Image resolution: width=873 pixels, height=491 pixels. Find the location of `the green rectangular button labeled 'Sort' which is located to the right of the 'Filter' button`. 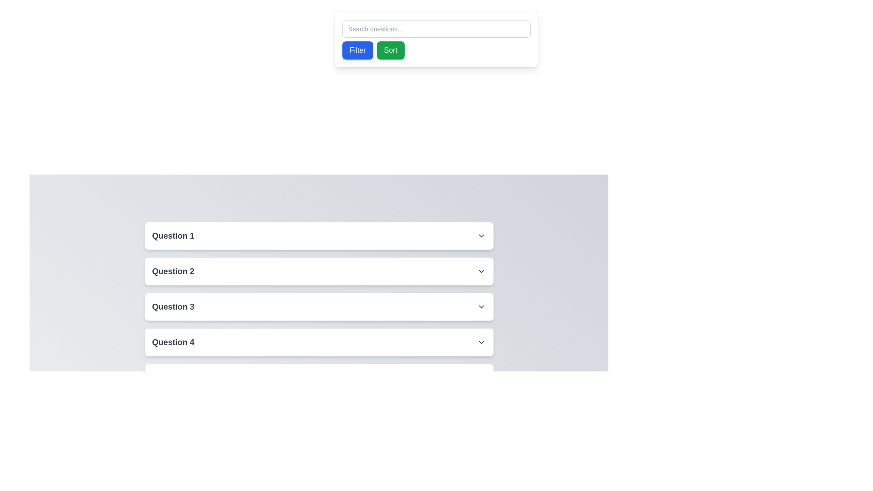

the green rectangular button labeled 'Sort' which is located to the right of the 'Filter' button is located at coordinates (391, 50).